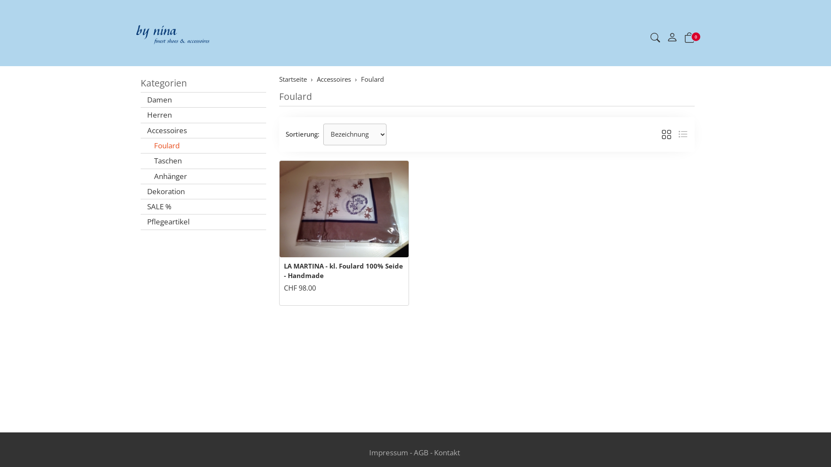  Describe the element at coordinates (421, 452) in the screenshot. I see `'AGB'` at that location.